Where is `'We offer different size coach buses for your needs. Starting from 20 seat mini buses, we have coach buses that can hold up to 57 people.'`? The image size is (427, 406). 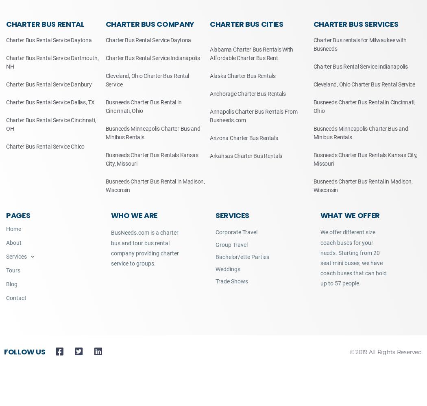
'We offer different size coach buses for your needs. Starting from 20 seat mini buses, we have coach buses that can hold up to 57 people.' is located at coordinates (353, 258).